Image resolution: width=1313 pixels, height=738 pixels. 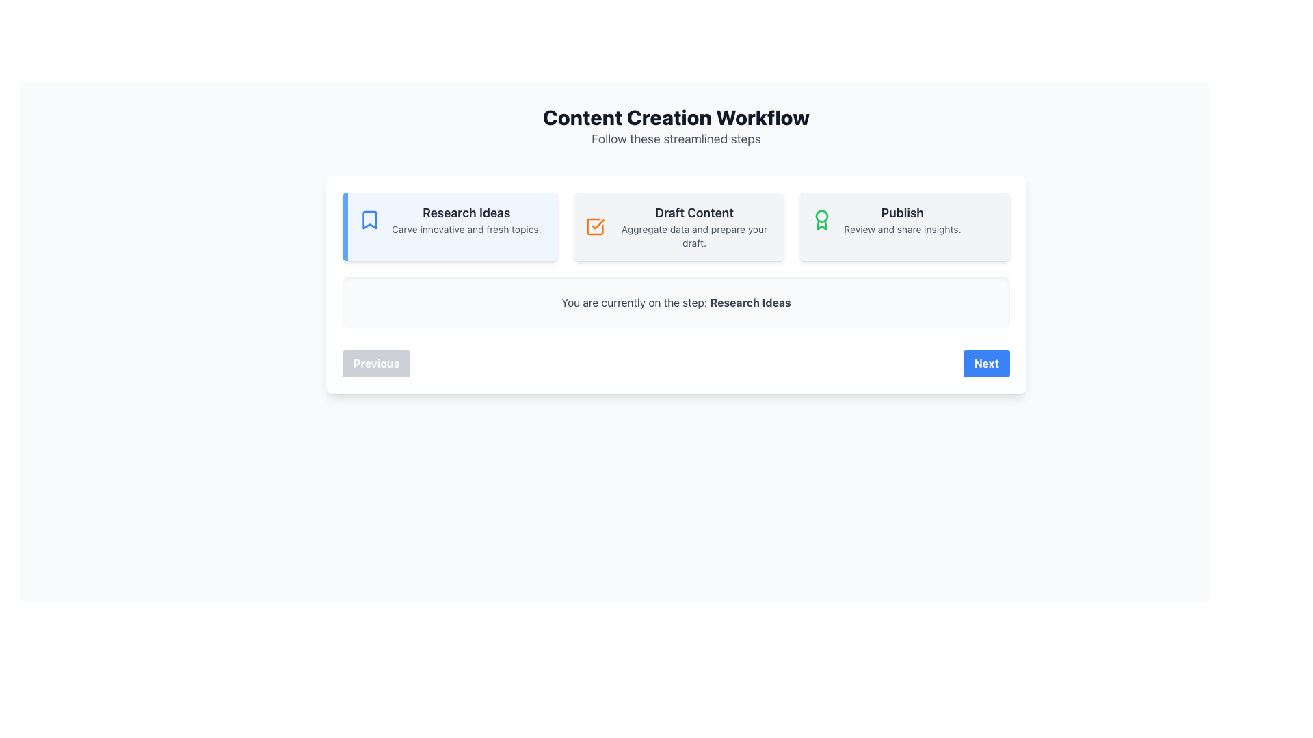 What do you see at coordinates (466, 228) in the screenshot?
I see `the text label that reads 'Carve innovative and fresh topics.' which is located directly beneath the 'Research Ideas' heading in the white card element` at bounding box center [466, 228].